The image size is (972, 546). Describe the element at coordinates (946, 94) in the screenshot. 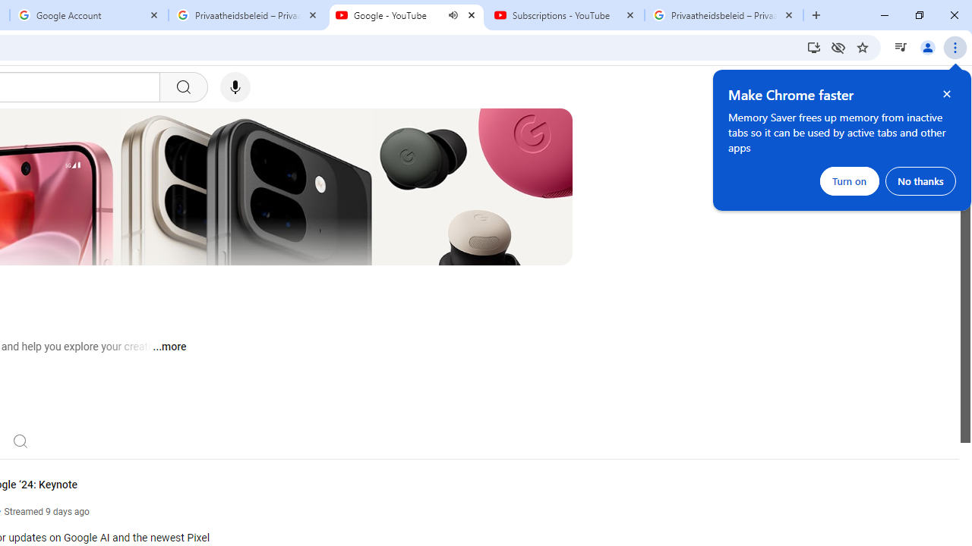

I see `'Close help bubble'` at that location.